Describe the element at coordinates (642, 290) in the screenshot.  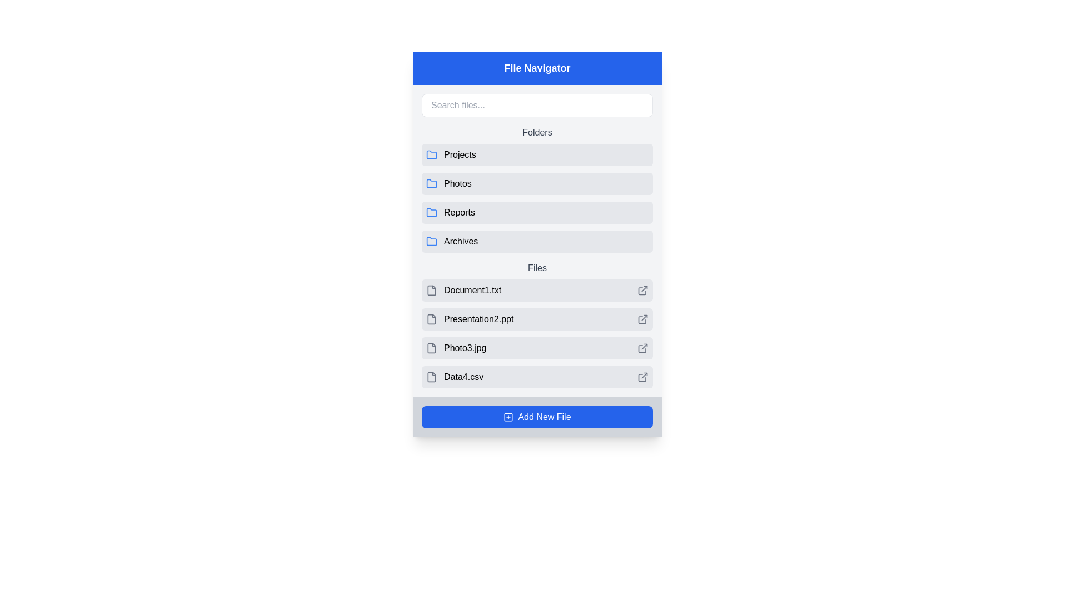
I see `the icon button representing an external link` at that location.